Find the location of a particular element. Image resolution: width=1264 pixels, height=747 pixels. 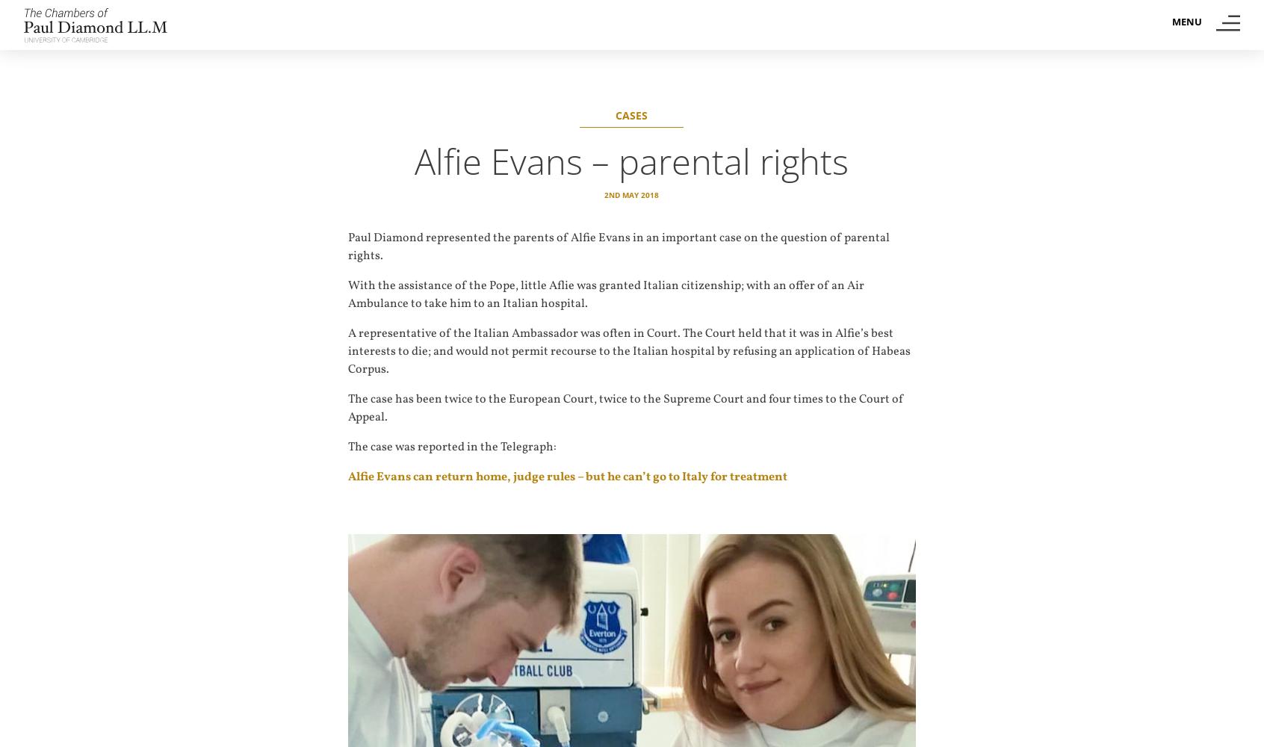

'2nd May 2018' is located at coordinates (604, 195).